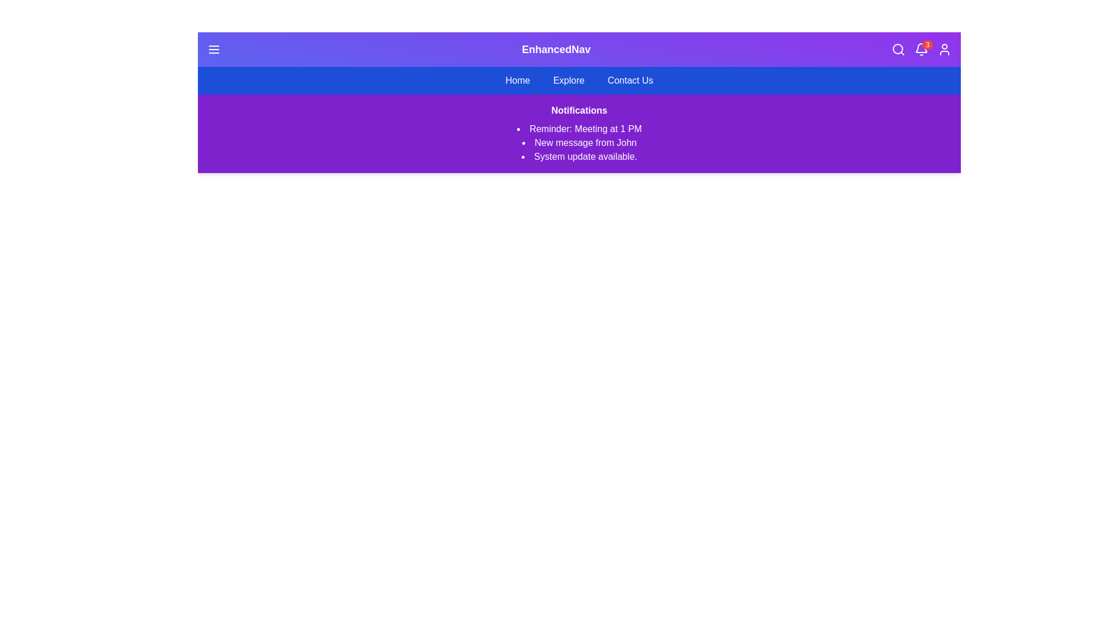 This screenshot has height=623, width=1108. I want to click on text displayed on the Label styled with large, bold font that shows 'EnhancedNav' located at the center of the top navigation bar, so click(556, 48).